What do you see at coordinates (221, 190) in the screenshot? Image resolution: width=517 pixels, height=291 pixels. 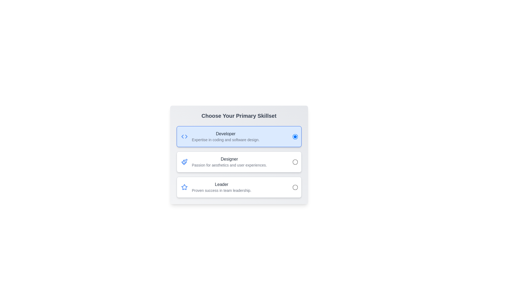 I see `text content of the descriptive subtitle located below the 'Leader' option` at bounding box center [221, 190].